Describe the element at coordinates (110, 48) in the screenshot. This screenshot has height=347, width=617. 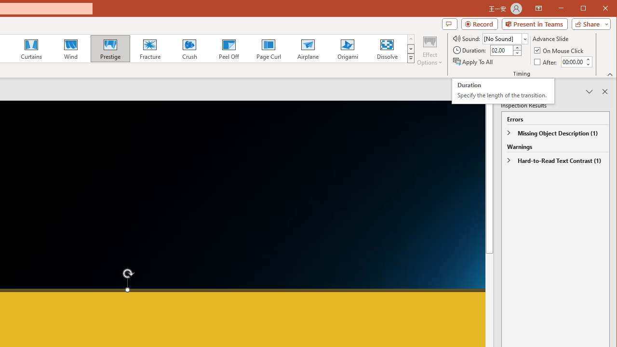
I see `'Prestige'` at that location.